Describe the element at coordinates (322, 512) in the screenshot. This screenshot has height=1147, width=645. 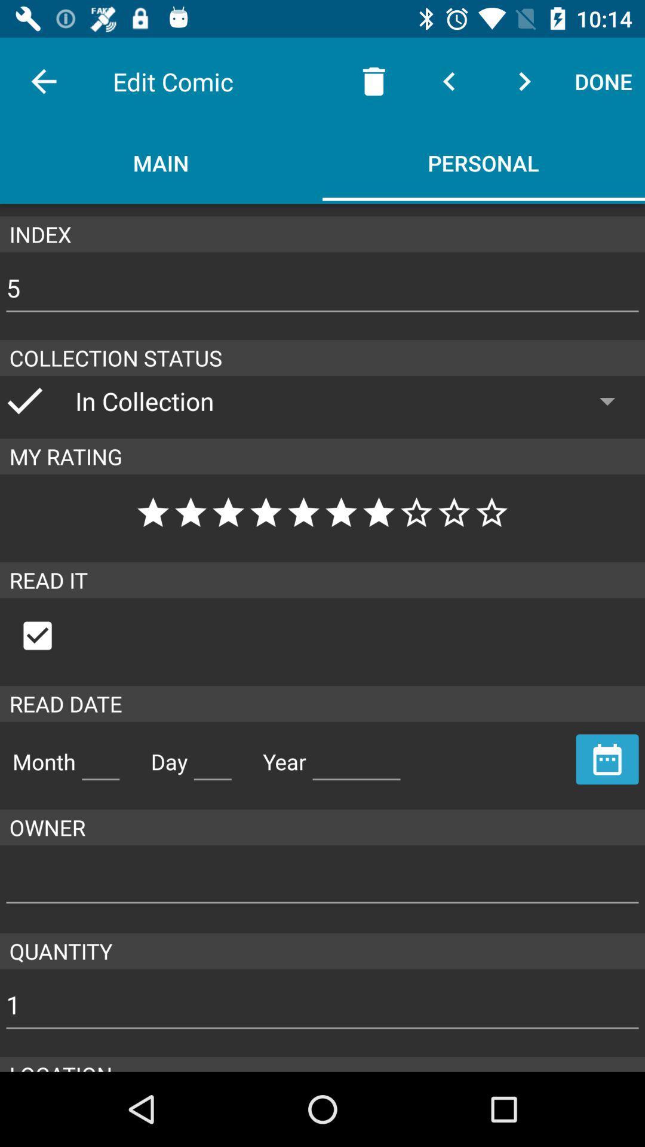
I see `the icons which is below the my rating` at that location.